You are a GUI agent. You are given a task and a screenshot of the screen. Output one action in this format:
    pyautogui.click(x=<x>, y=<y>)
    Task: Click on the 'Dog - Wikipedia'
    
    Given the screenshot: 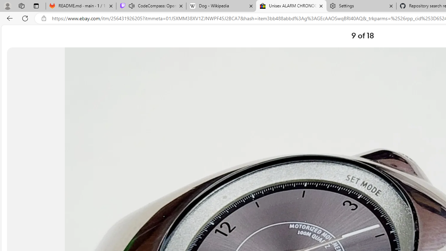 What is the action you would take?
    pyautogui.click(x=221, y=6)
    